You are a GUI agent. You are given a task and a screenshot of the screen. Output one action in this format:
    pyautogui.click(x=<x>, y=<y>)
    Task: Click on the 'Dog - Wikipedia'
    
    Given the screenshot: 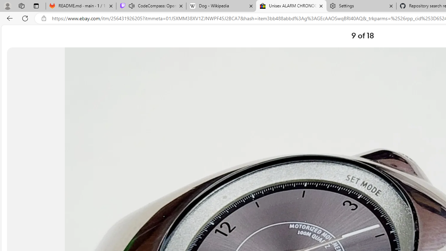 What is the action you would take?
    pyautogui.click(x=221, y=6)
    